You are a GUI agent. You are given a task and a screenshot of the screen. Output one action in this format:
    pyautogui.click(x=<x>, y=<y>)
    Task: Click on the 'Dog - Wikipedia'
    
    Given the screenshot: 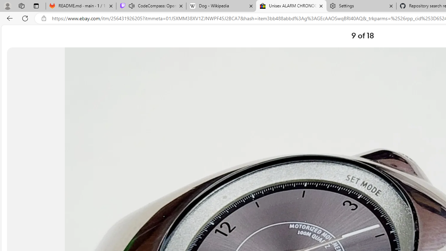 What is the action you would take?
    pyautogui.click(x=221, y=6)
    